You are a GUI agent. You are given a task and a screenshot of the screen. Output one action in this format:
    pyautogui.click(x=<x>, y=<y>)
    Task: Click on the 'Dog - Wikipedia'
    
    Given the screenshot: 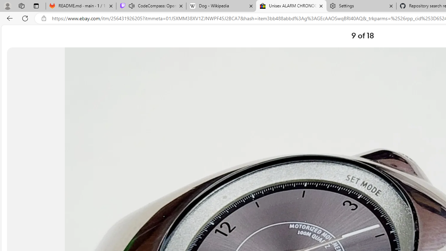 What is the action you would take?
    pyautogui.click(x=221, y=6)
    